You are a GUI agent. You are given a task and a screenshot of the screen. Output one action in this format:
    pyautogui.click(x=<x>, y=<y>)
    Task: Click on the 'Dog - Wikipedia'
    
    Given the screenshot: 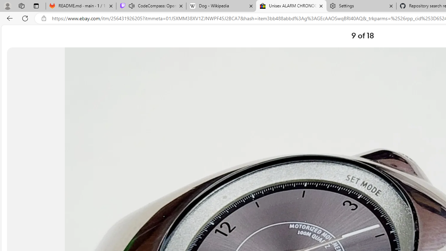 What is the action you would take?
    pyautogui.click(x=221, y=6)
    